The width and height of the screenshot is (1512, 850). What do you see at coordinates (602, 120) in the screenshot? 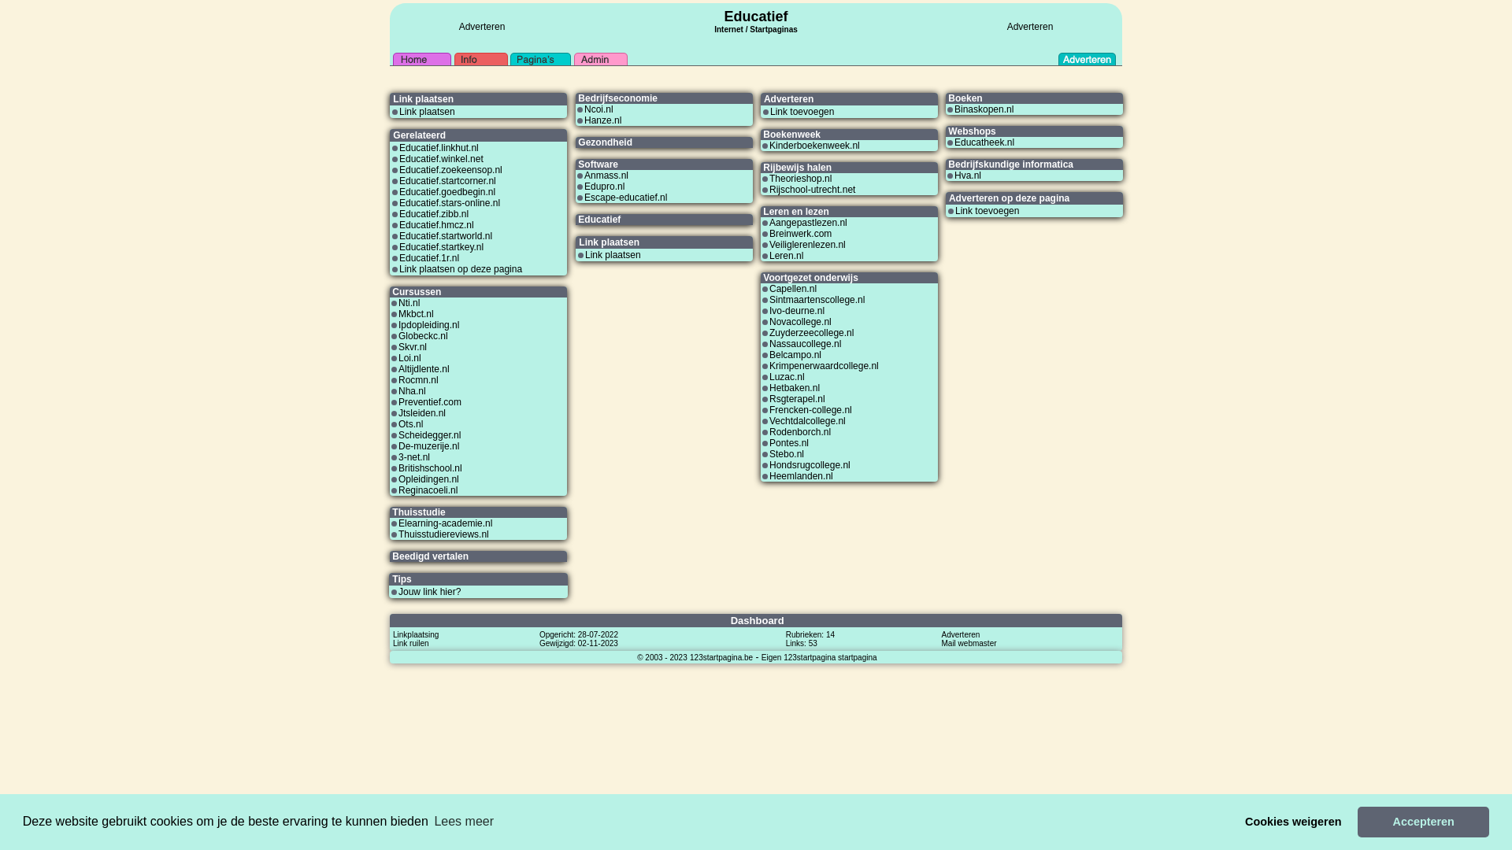
I see `'Hanze.nl'` at bounding box center [602, 120].